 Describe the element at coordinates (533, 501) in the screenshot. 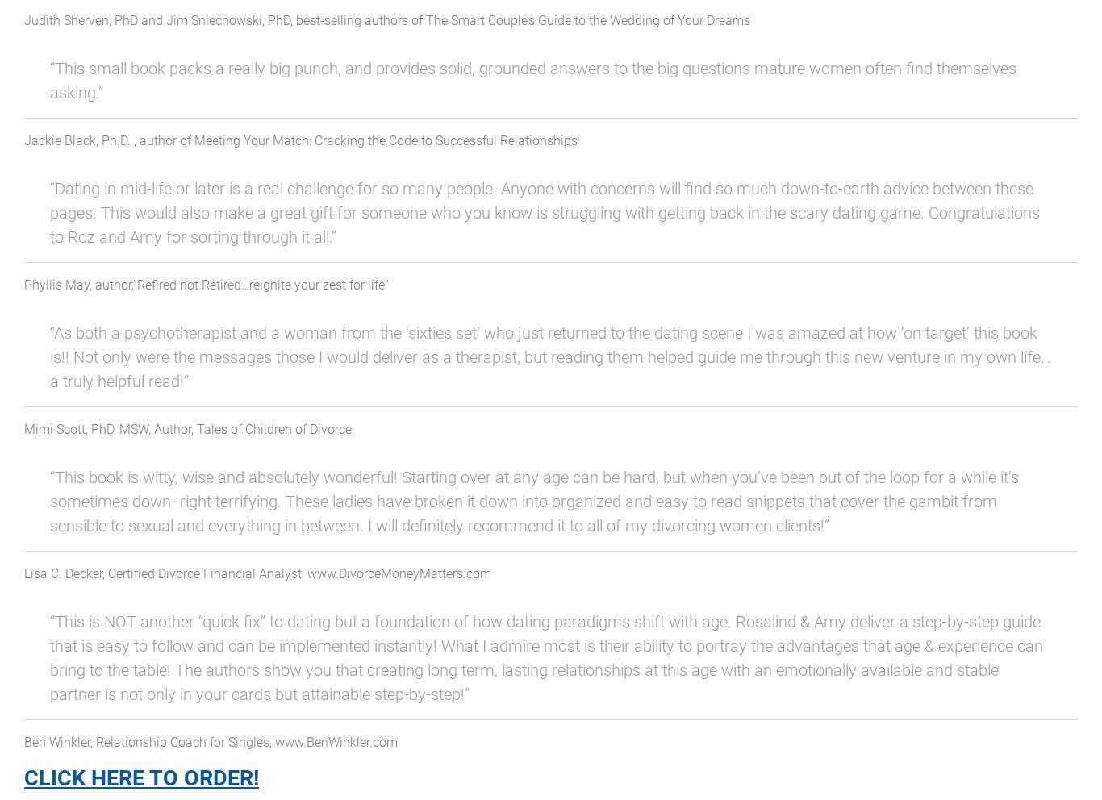

I see `'“This book is witty, wise and absolutely wonderful! Starting over at any age can be hard, but when you’ve been out of the loop for a while it’s sometimes down- right terrifying. These ladies have broken it down into organized and easy to read snippets that cover the gambit from sensible to sexual and everything in between. I will definitely recommend it to all of my divorcing women clients!”'` at that location.